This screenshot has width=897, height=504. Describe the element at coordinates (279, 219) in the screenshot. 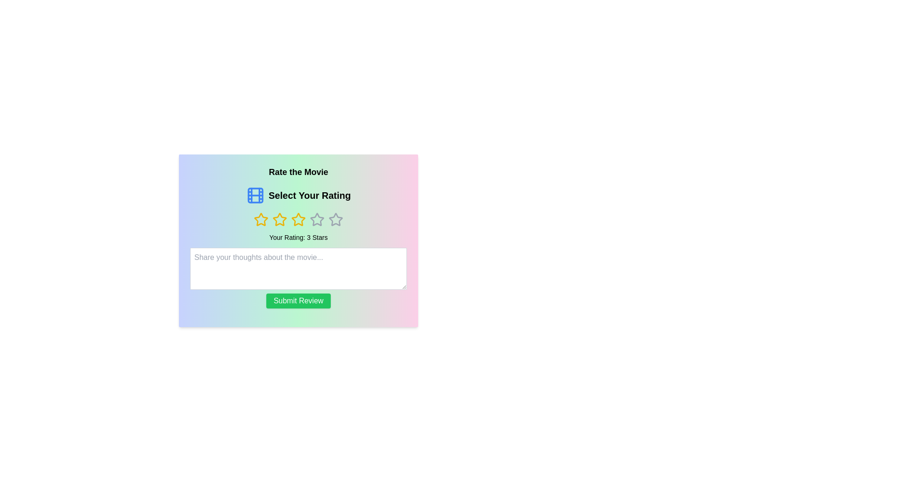

I see `the third star icon in the five-star rating system` at that location.